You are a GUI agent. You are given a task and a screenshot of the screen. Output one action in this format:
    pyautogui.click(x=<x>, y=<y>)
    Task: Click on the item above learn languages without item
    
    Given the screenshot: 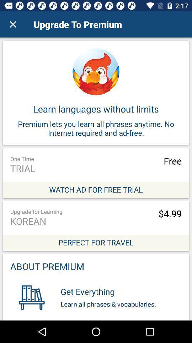 What is the action you would take?
    pyautogui.click(x=13, y=24)
    